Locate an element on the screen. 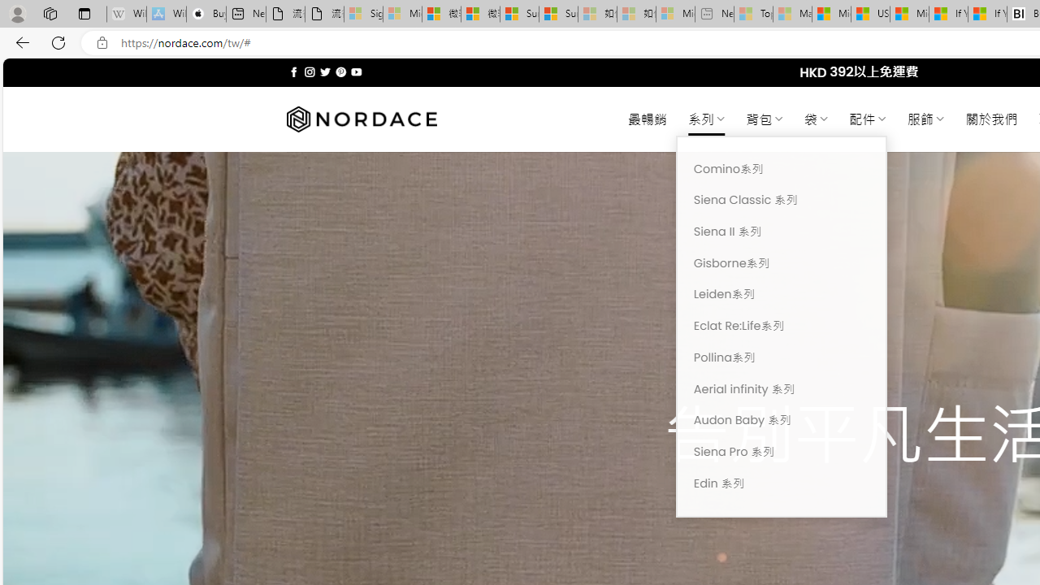 The image size is (1040, 585). 'Follow on Pinterest' is located at coordinates (340, 71).